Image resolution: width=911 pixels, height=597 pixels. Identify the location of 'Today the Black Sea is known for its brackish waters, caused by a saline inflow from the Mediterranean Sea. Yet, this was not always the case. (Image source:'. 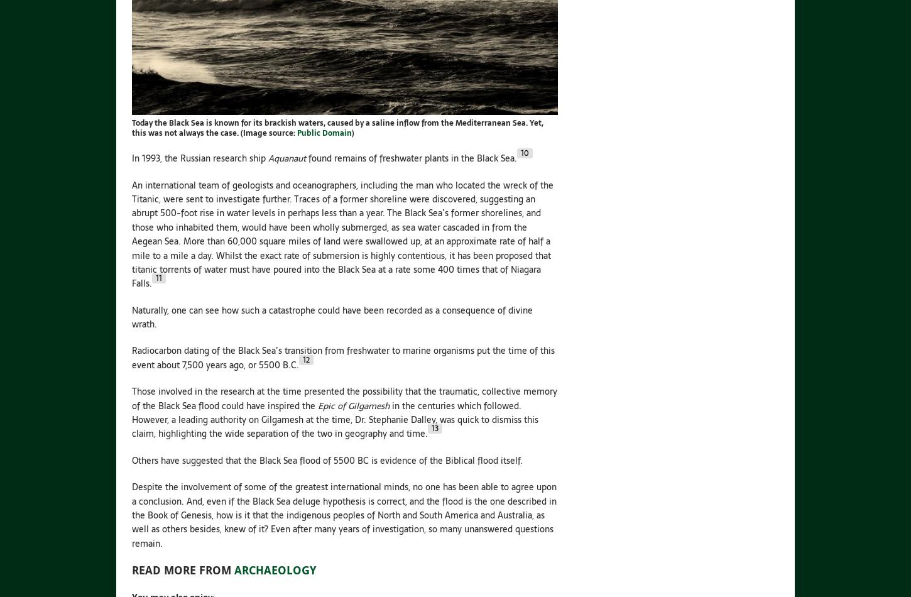
(337, 128).